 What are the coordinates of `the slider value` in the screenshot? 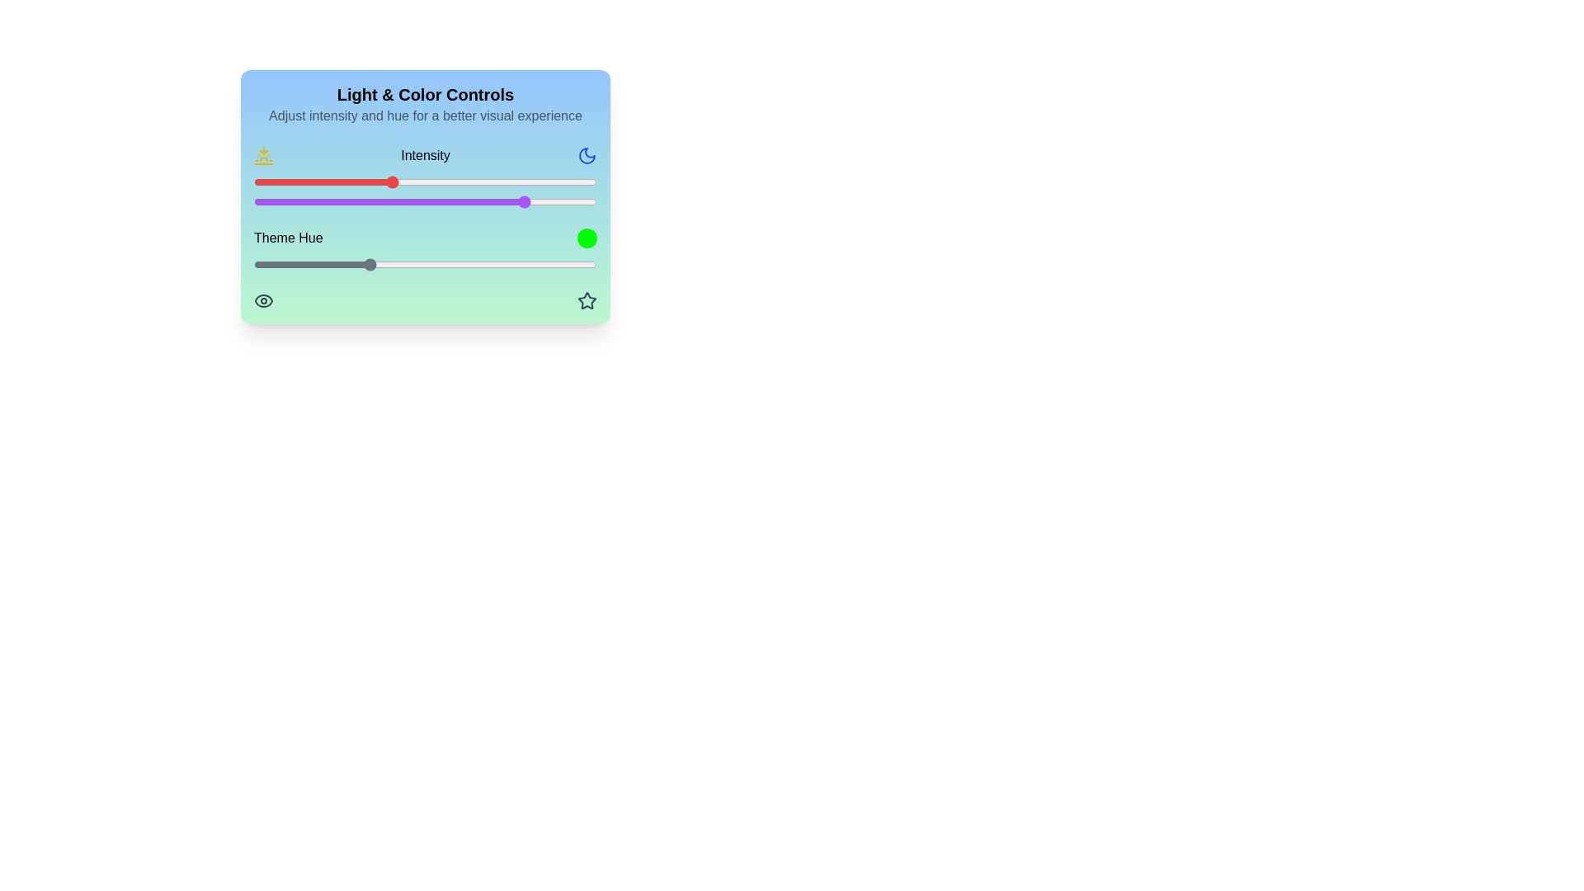 It's located at (517, 263).